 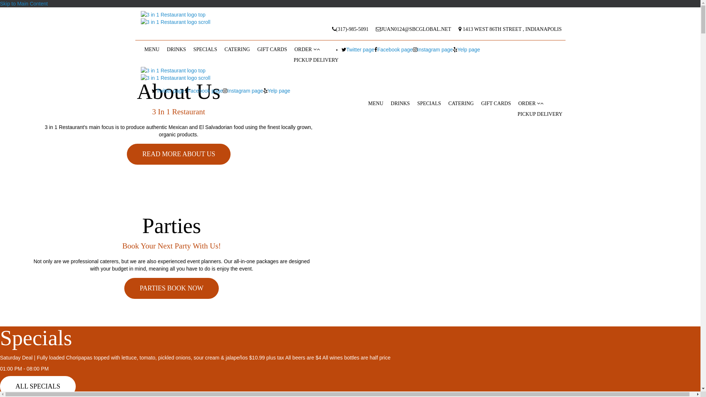 What do you see at coordinates (328, 29) in the screenshot?
I see `'(317)-985-5091'` at bounding box center [328, 29].